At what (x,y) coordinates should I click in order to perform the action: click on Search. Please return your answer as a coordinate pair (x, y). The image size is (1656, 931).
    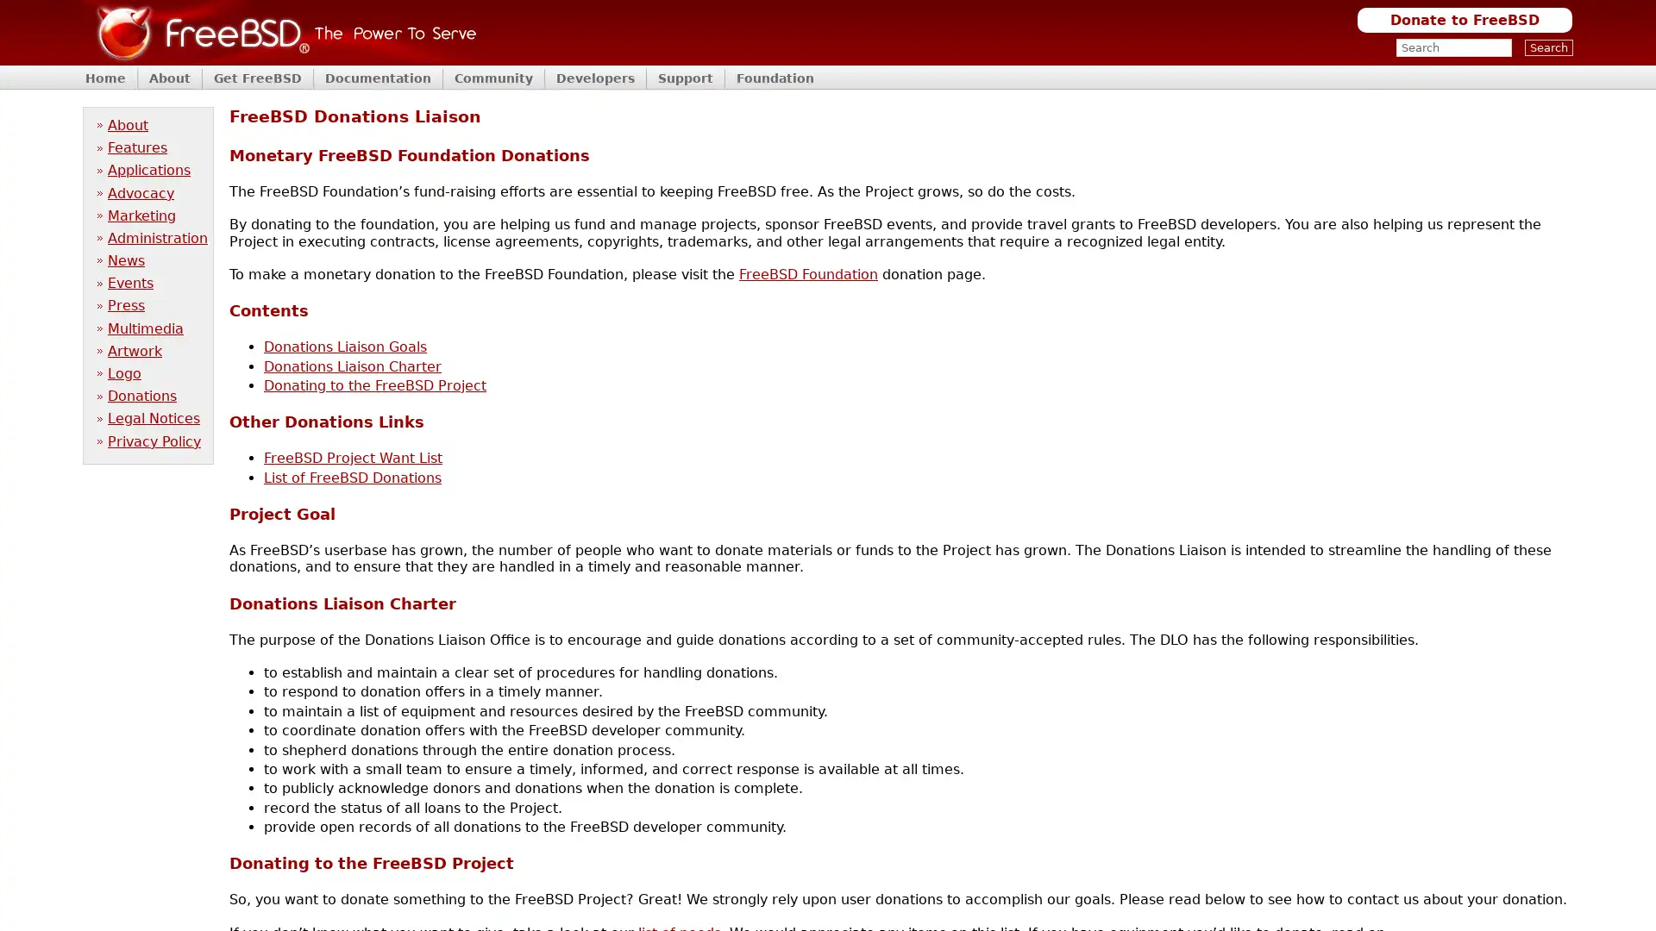
    Looking at the image, I should click on (1548, 47).